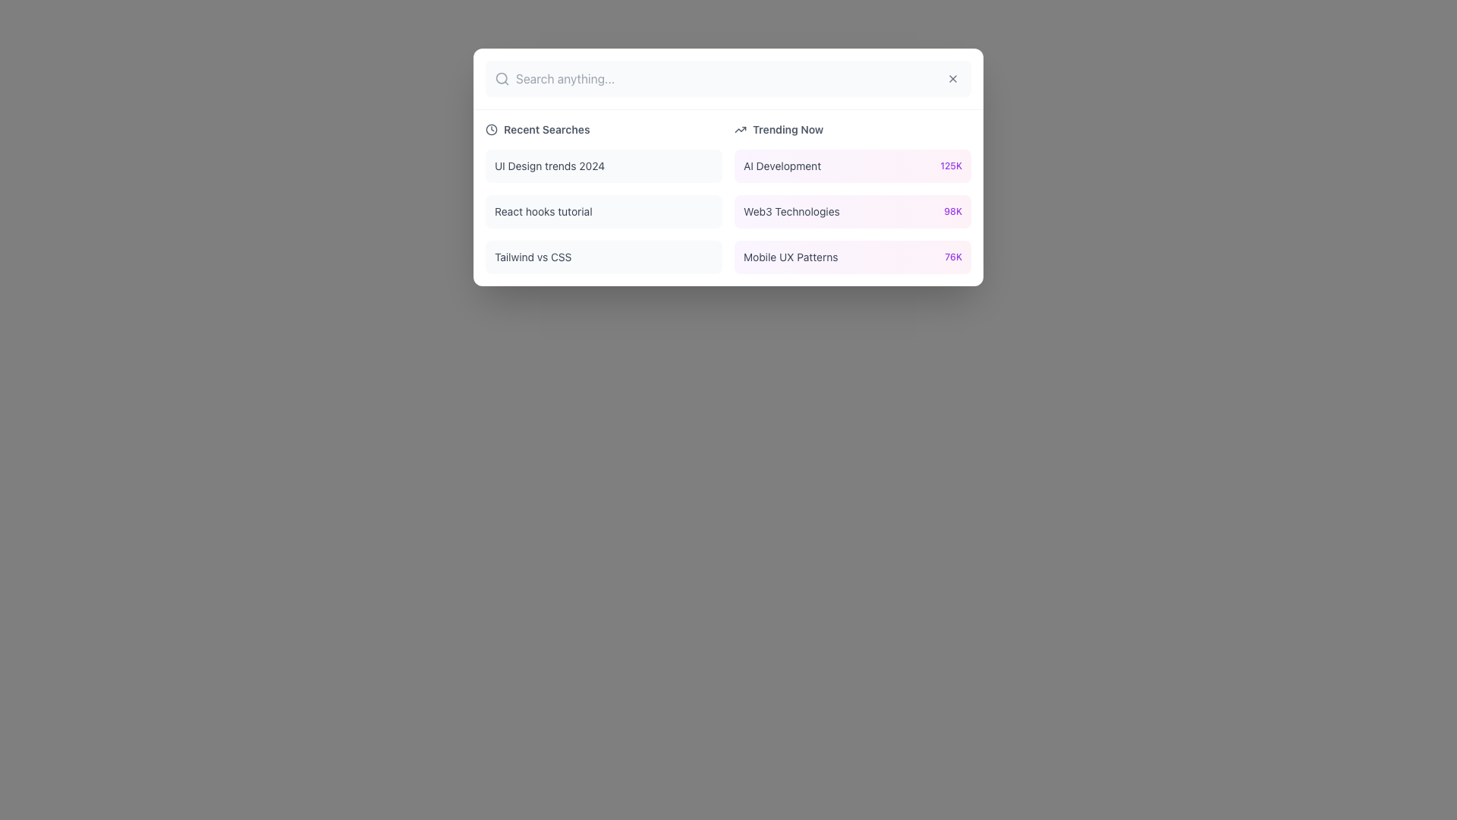 This screenshot has width=1457, height=820. What do you see at coordinates (852, 197) in the screenshot?
I see `the 'Web3 Technologies' trending topic element in the 'Trending Now' section` at bounding box center [852, 197].